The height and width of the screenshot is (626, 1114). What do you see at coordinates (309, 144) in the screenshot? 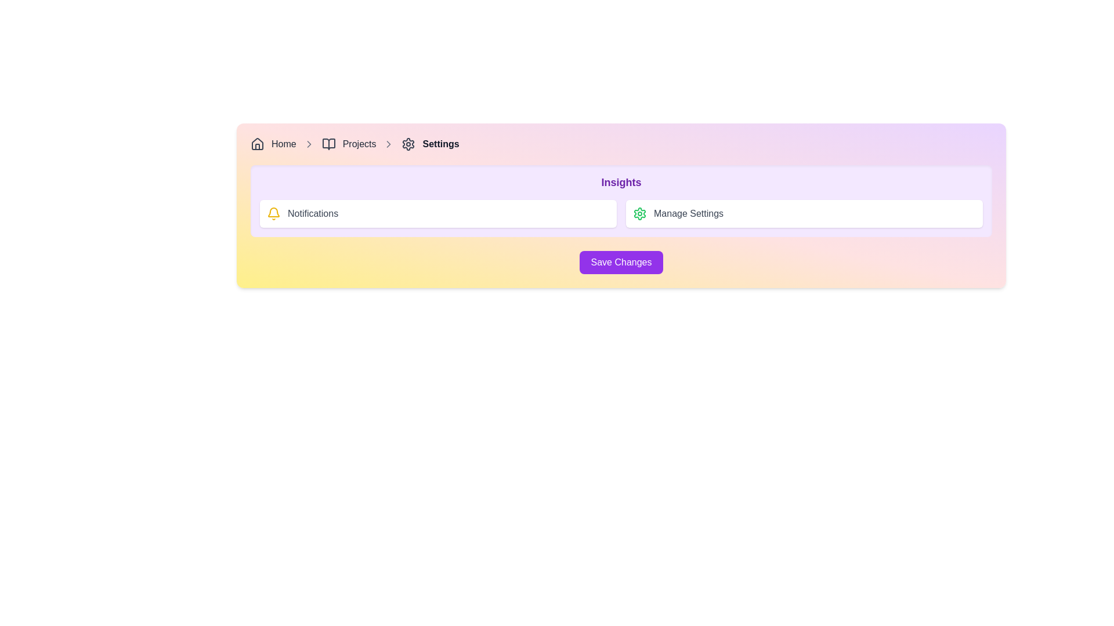
I see `the visual separator icon in the breadcrumb navigation bar located between the 'Home' and 'Projects' links` at bounding box center [309, 144].